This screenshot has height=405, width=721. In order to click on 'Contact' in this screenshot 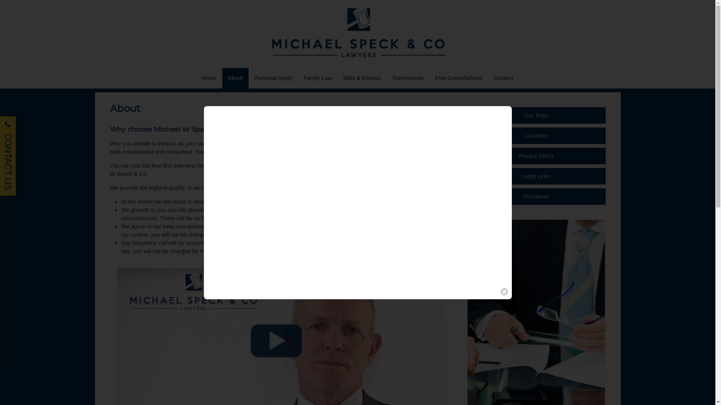, I will do `click(488, 78)`.